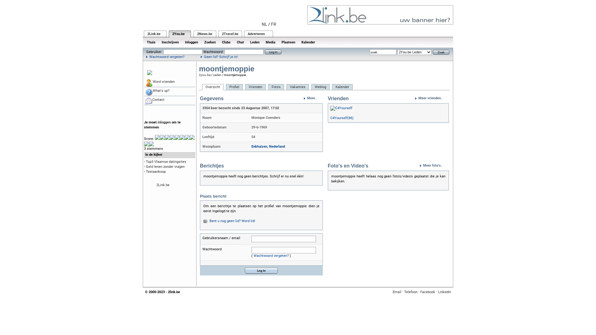 This screenshot has width=596, height=335. Describe the element at coordinates (226, 42) in the screenshot. I see `'Clubs'` at that location.